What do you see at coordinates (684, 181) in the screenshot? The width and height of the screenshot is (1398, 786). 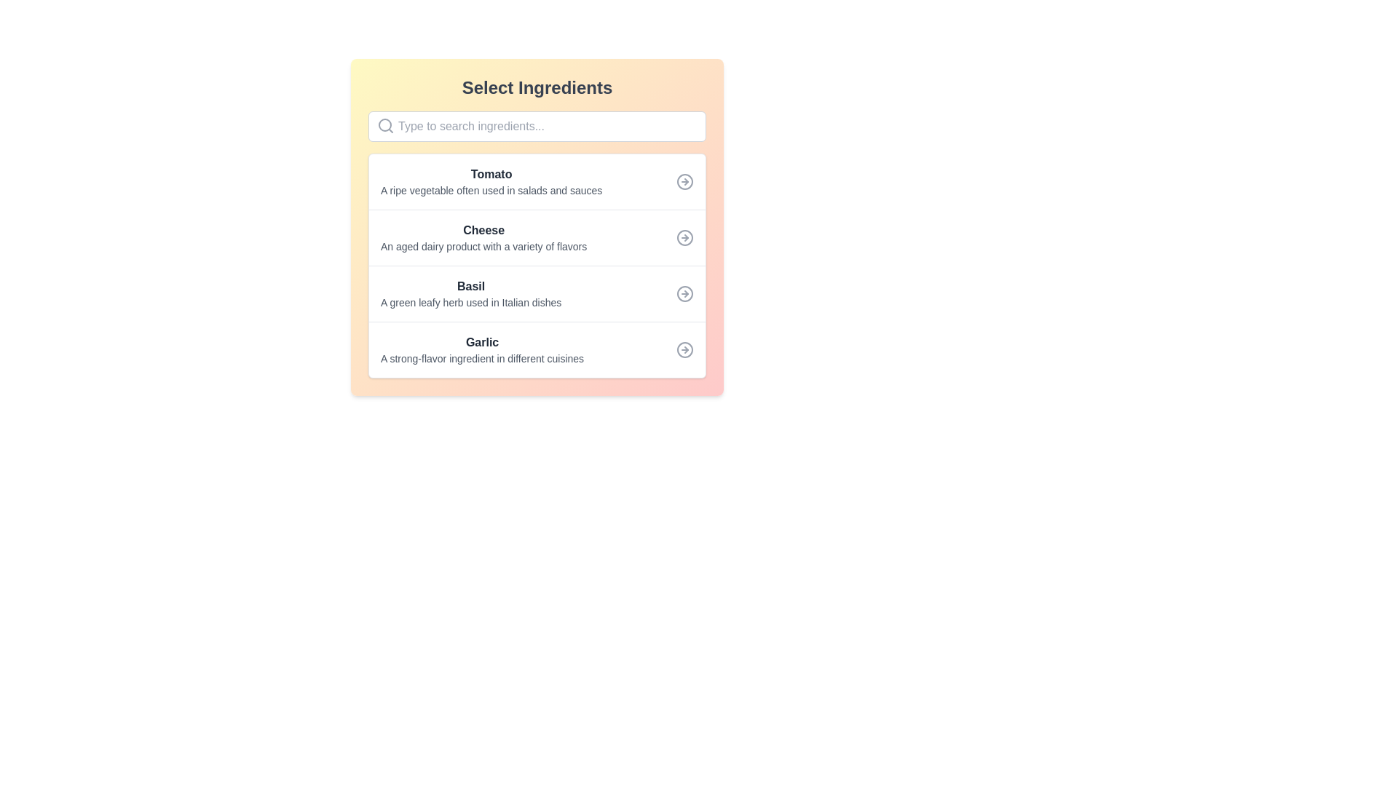 I see `the Circle graphical component associated with the 'Tomato' item in the list` at bounding box center [684, 181].